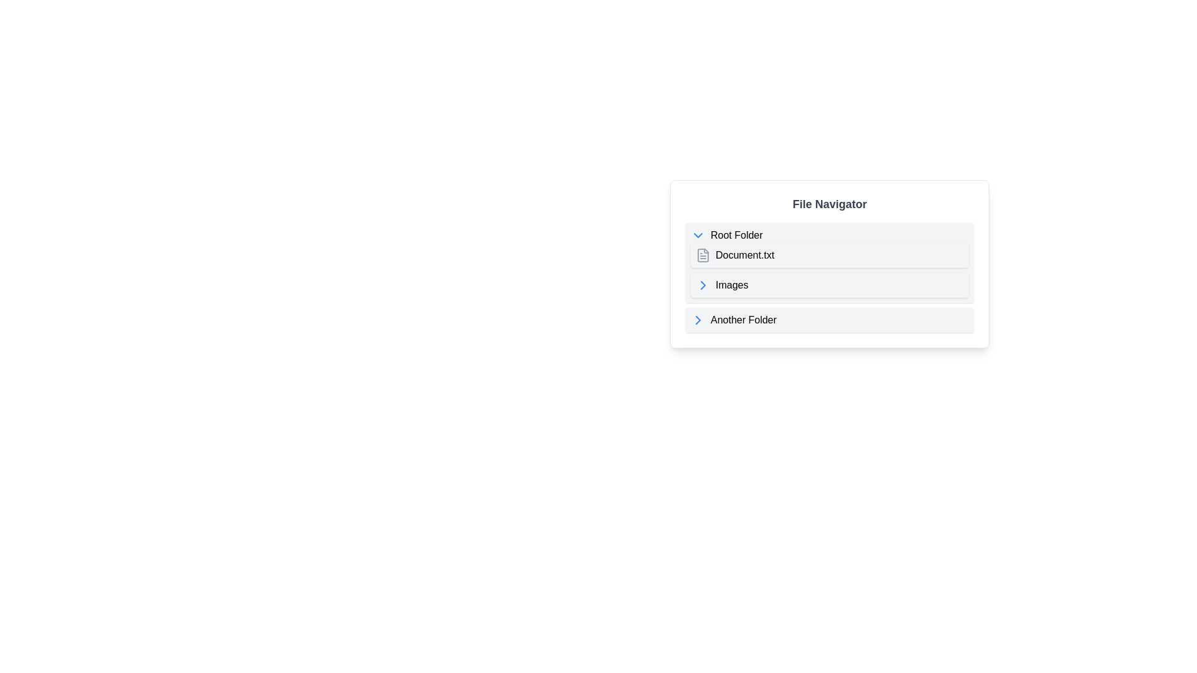 This screenshot has width=1197, height=673. What do you see at coordinates (703, 254) in the screenshot?
I see `the icon representing the file 'Document.txt'` at bounding box center [703, 254].